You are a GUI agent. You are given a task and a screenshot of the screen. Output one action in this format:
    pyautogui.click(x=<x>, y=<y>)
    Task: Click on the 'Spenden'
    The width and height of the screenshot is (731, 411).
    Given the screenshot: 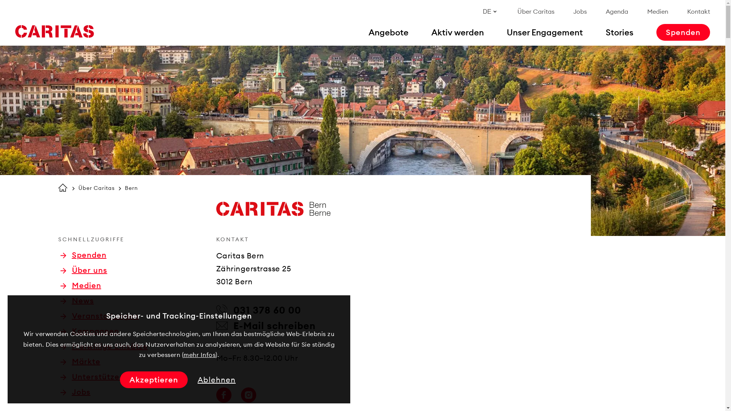 What is the action you would take?
    pyautogui.click(x=83, y=255)
    